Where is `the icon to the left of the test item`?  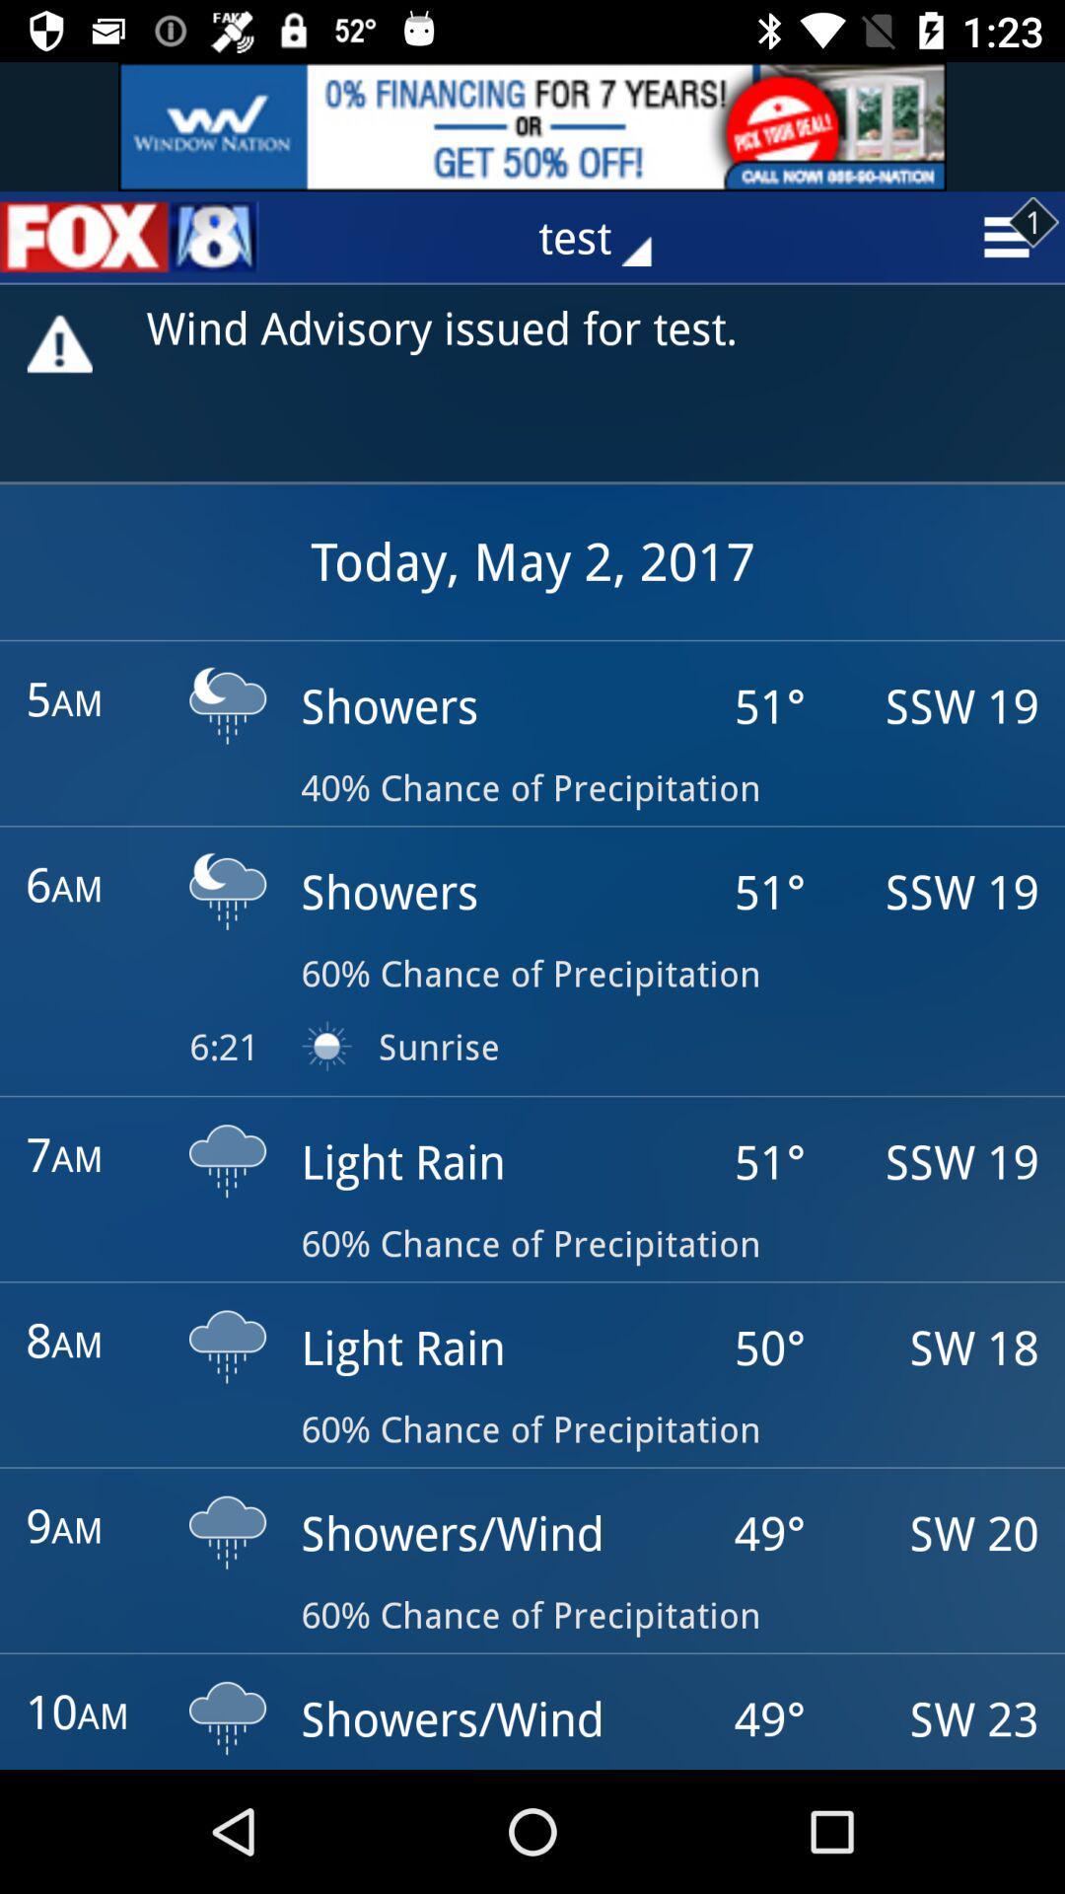
the icon to the left of the test item is located at coordinates (129, 237).